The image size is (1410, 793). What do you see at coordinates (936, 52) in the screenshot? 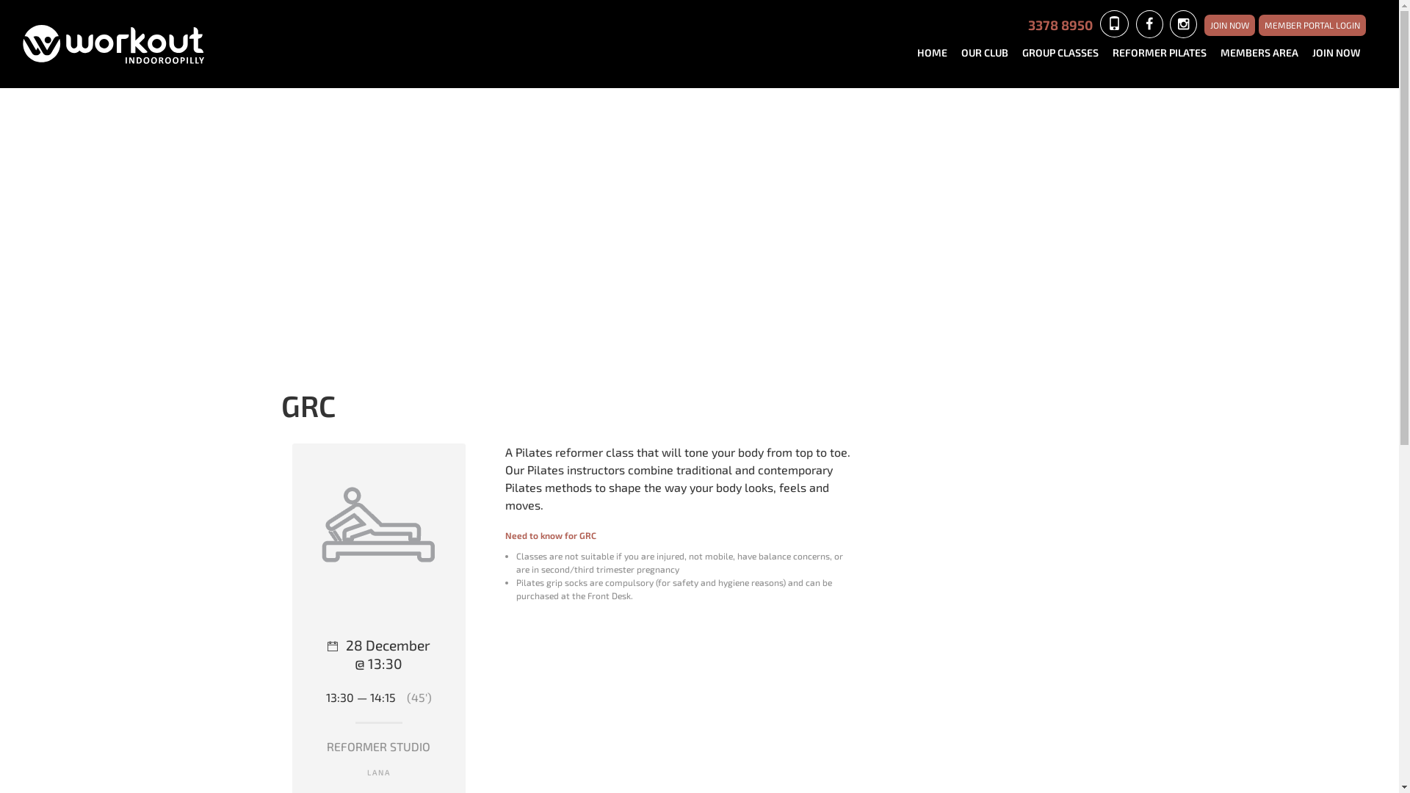
I see `'HOME'` at bounding box center [936, 52].